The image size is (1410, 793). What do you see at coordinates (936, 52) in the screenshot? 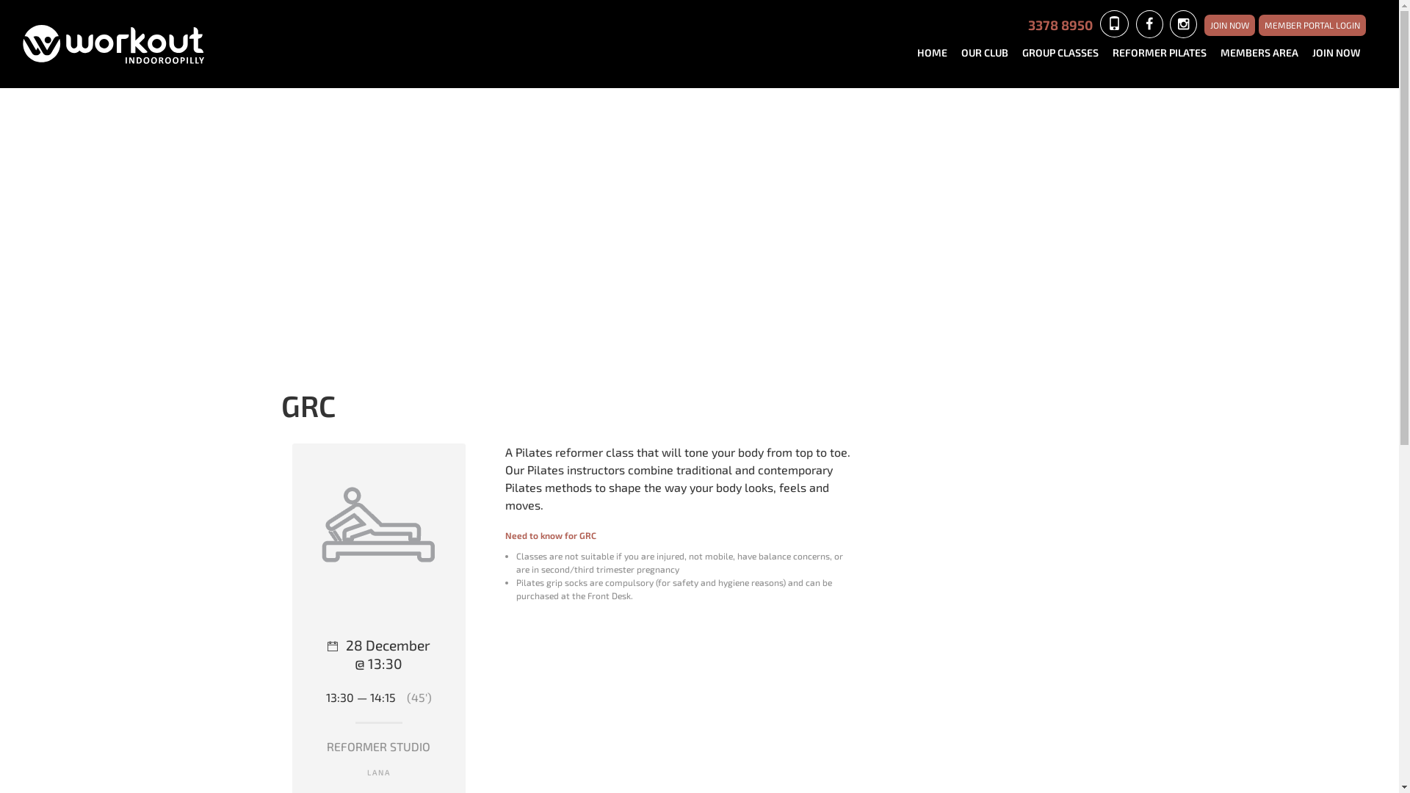
I see `'HOME'` at bounding box center [936, 52].